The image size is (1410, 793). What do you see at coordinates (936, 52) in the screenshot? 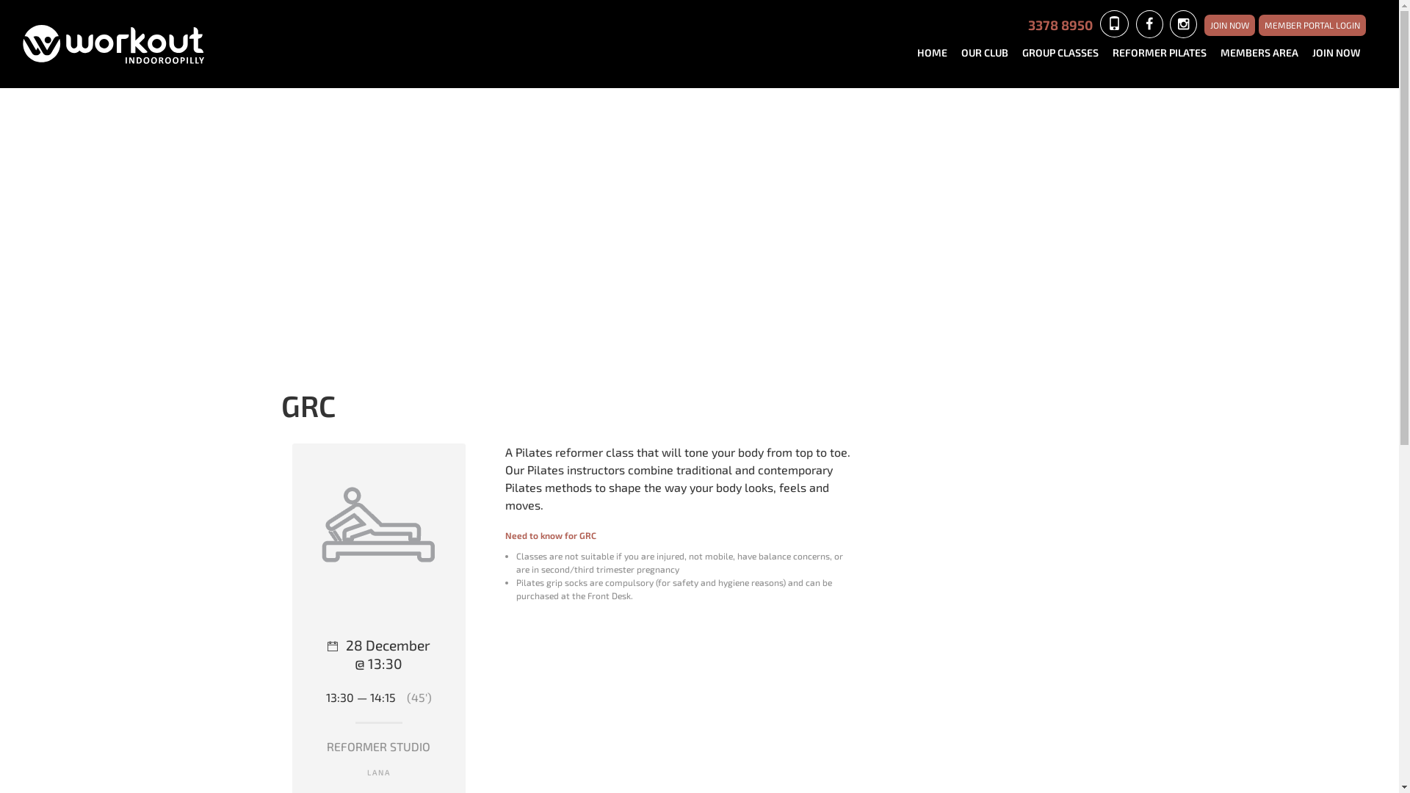
I see `'HOME'` at bounding box center [936, 52].